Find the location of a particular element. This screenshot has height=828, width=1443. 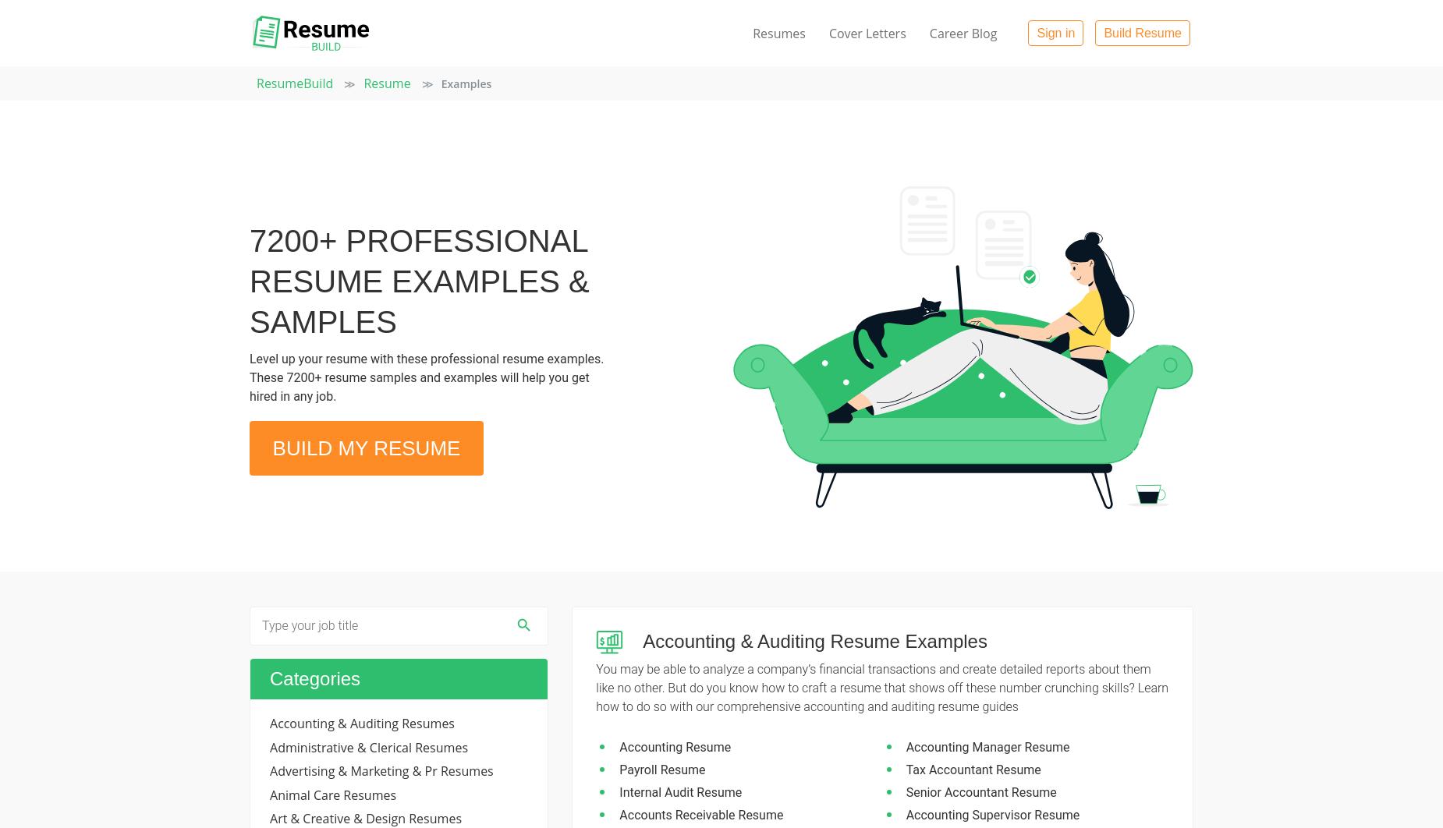

'Internal Audit Resume' is located at coordinates (619, 791).